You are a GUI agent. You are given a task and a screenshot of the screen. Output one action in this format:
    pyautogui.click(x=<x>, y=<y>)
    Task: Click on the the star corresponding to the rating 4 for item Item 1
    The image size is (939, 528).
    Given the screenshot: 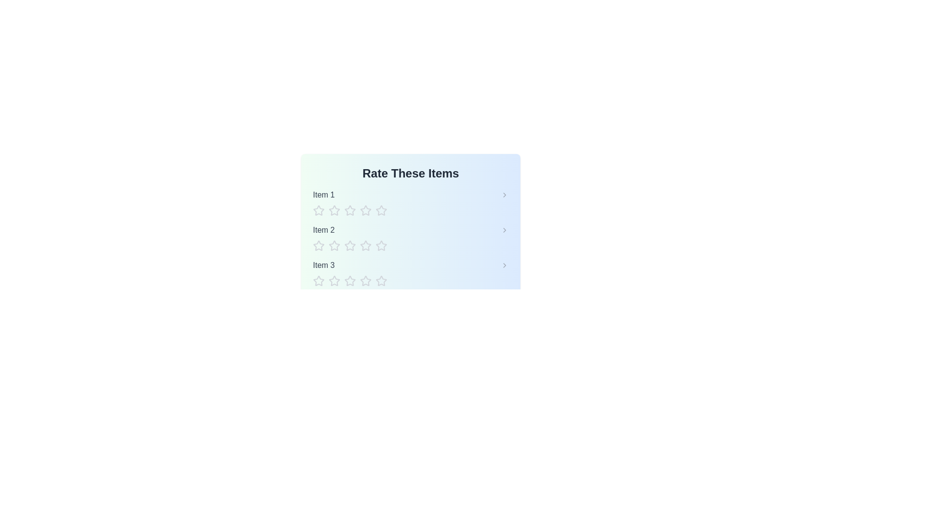 What is the action you would take?
    pyautogui.click(x=365, y=210)
    